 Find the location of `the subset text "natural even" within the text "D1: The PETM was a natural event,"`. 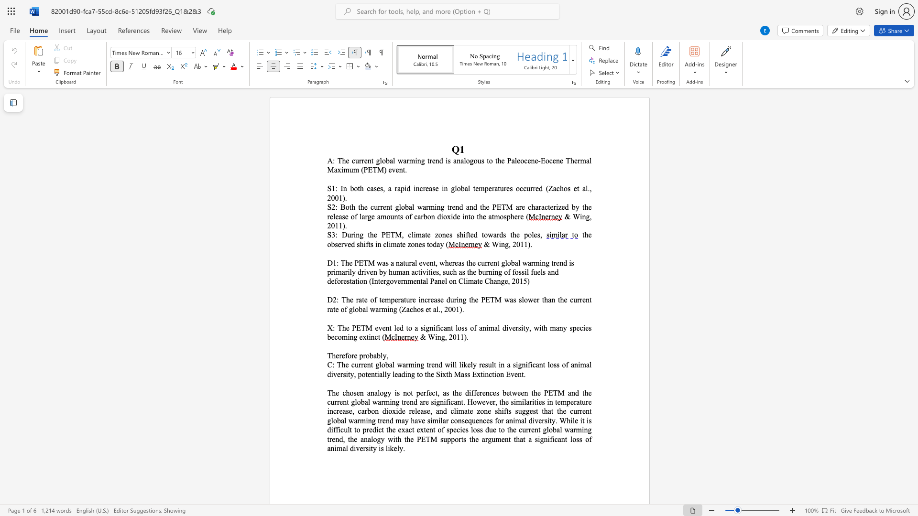

the subset text "natural even" within the text "D1: The PETM was a natural event," is located at coordinates (396, 263).